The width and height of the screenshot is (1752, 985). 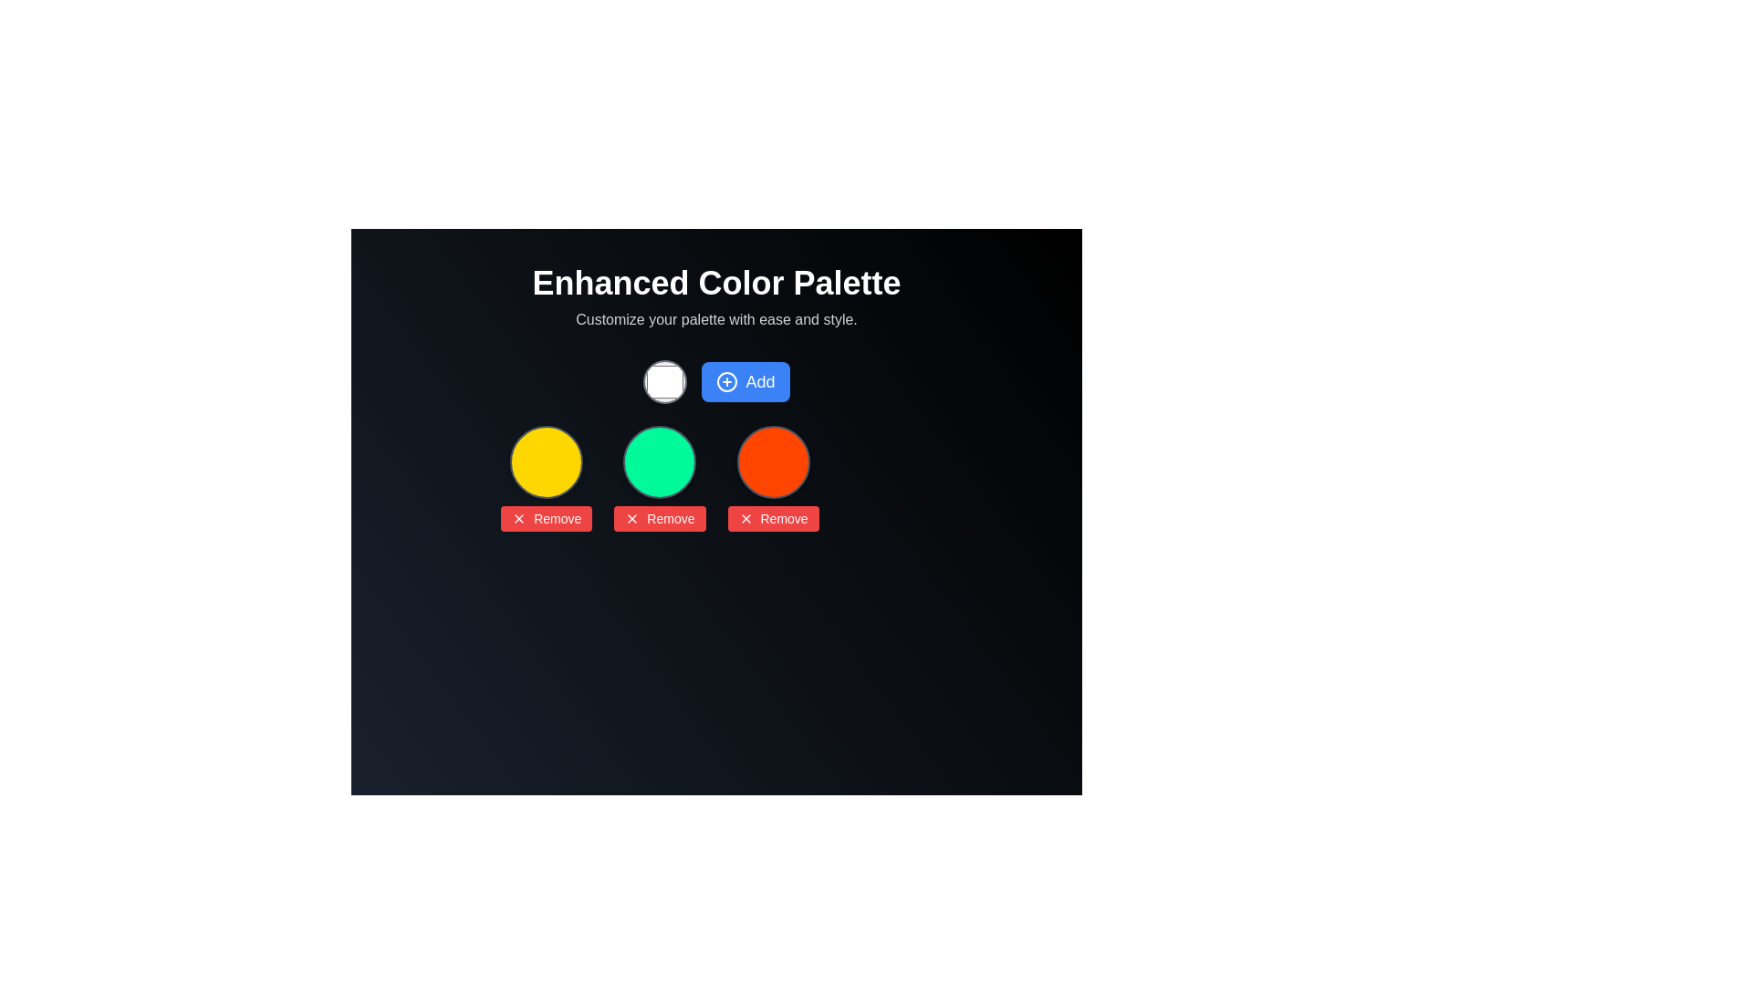 What do you see at coordinates (546, 519) in the screenshot?
I see `the second button in the row of identical buttons used to remove the associated color from the palette to observe hover effects` at bounding box center [546, 519].